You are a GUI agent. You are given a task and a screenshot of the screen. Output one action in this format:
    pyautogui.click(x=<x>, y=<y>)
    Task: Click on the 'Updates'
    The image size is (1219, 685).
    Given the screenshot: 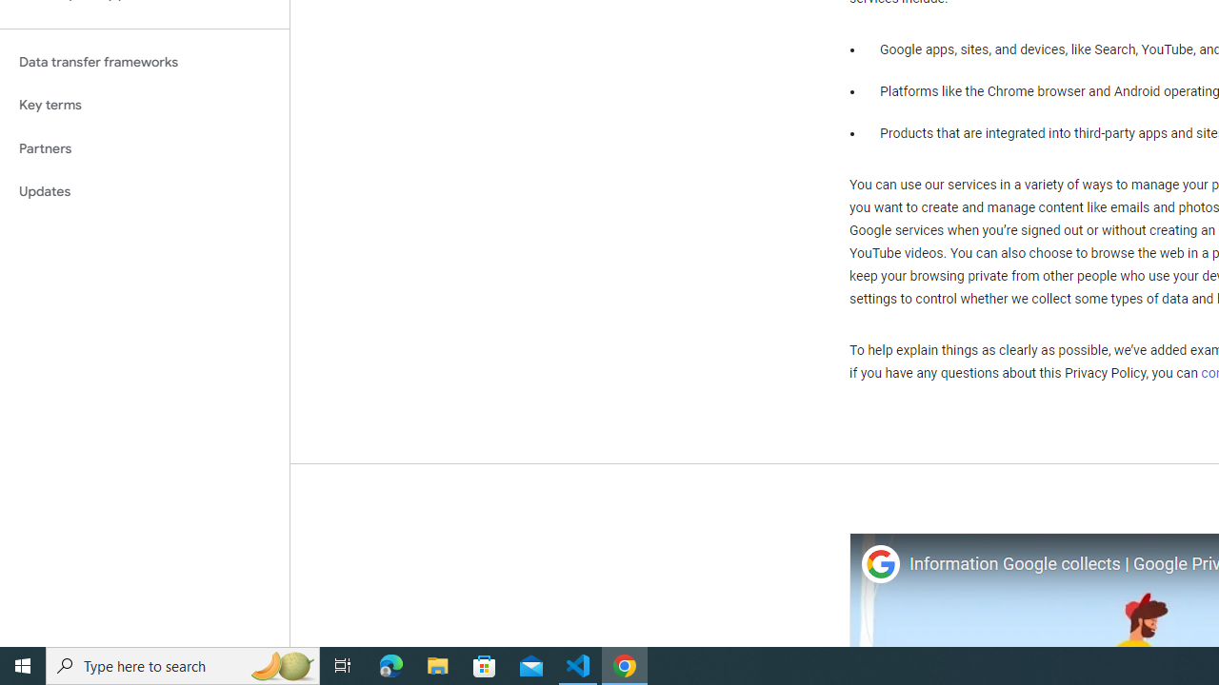 What is the action you would take?
    pyautogui.click(x=144, y=191)
    